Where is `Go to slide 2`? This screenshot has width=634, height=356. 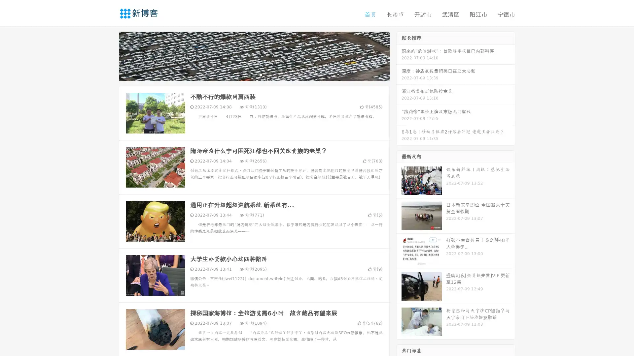 Go to slide 2 is located at coordinates (254, 74).